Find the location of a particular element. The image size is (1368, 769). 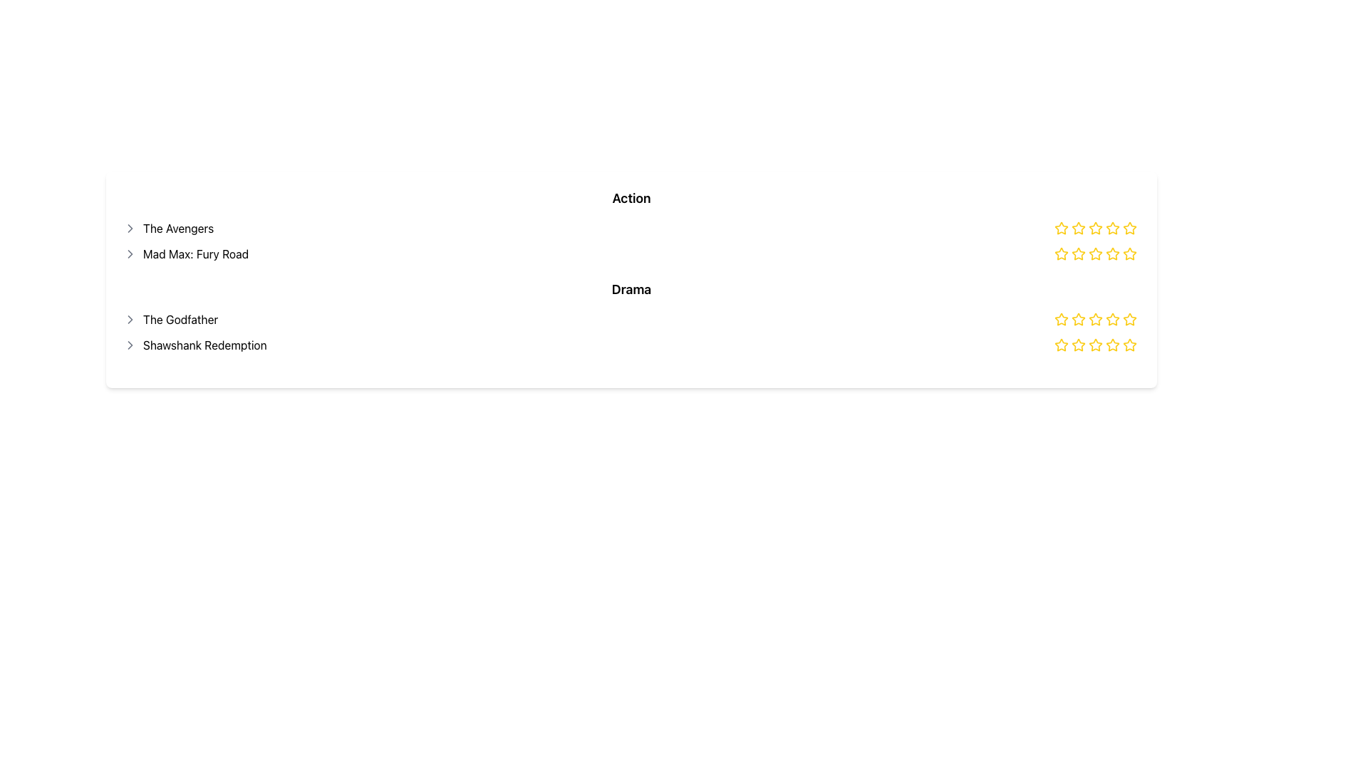

the fifth star icon in the star rating mechanism for the 'Shawshank Redemption' movie is located at coordinates (1111, 345).